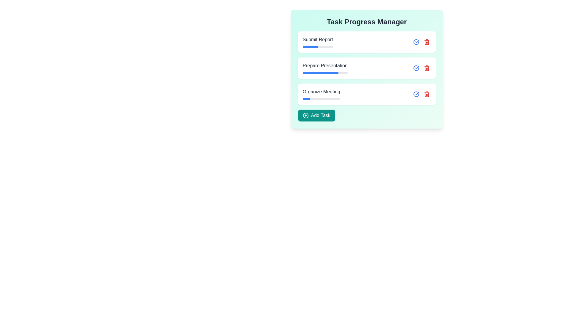 Image resolution: width=570 pixels, height=320 pixels. What do you see at coordinates (426, 42) in the screenshot?
I see `the red trash icon associated with the task titled 'Submit Report' to remove it` at bounding box center [426, 42].